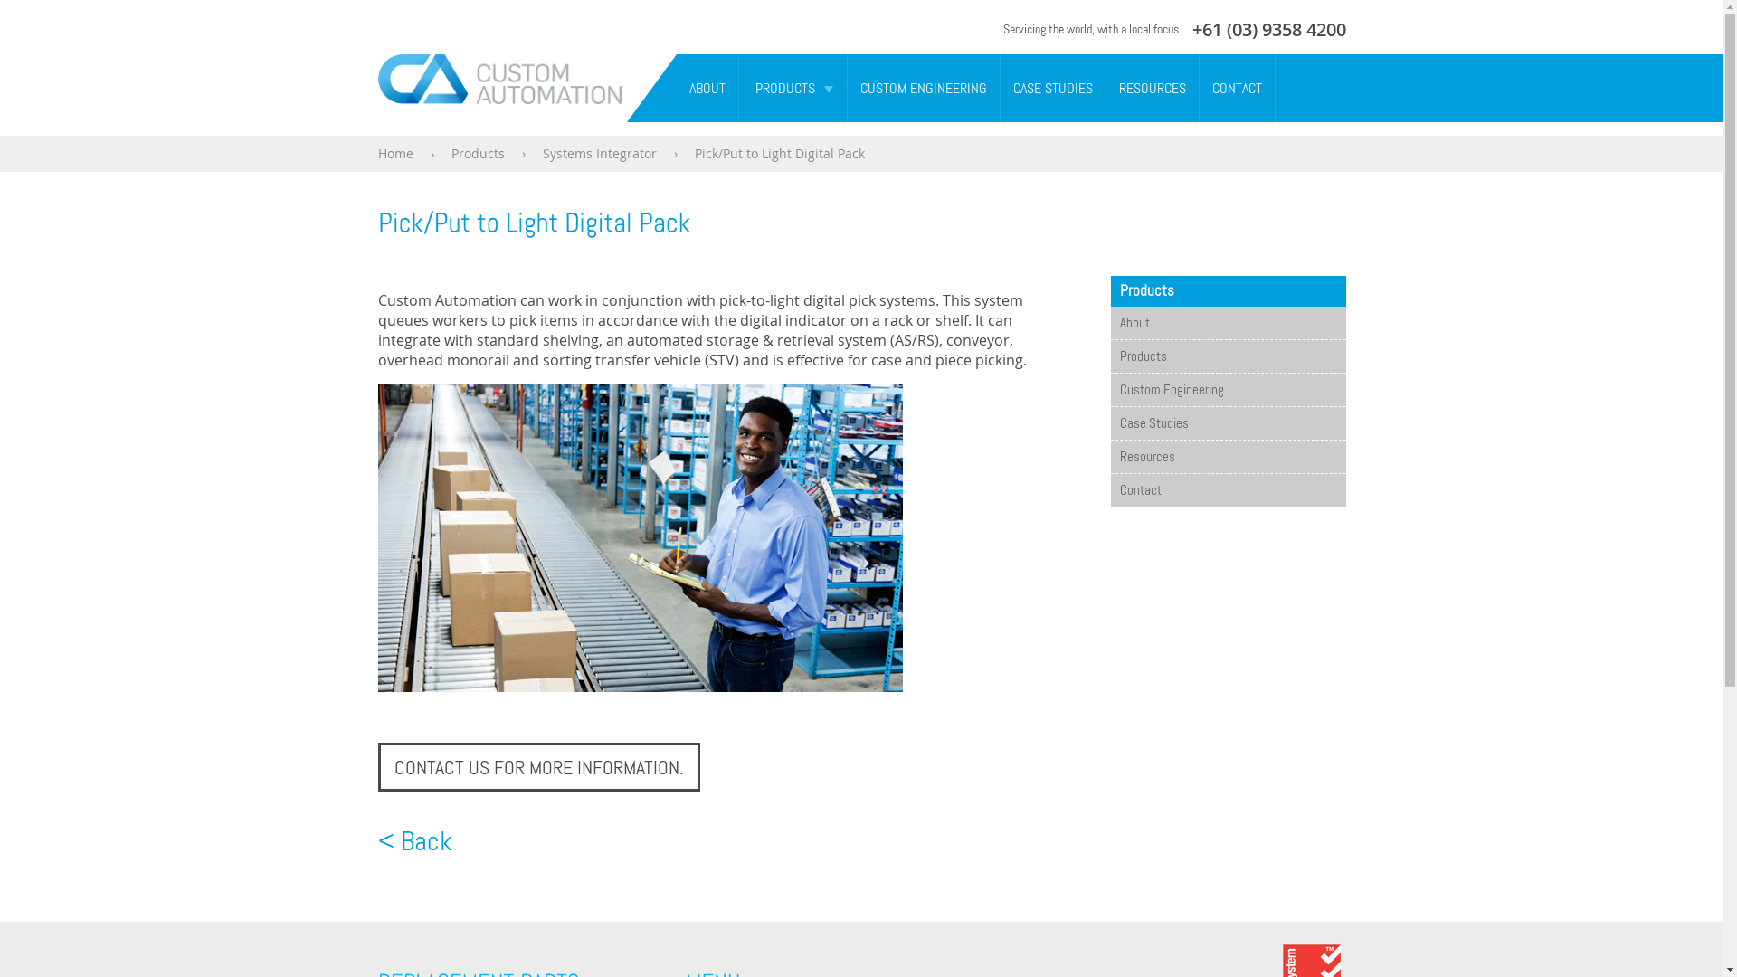  Describe the element at coordinates (1150, 88) in the screenshot. I see `'RESOURCES'` at that location.